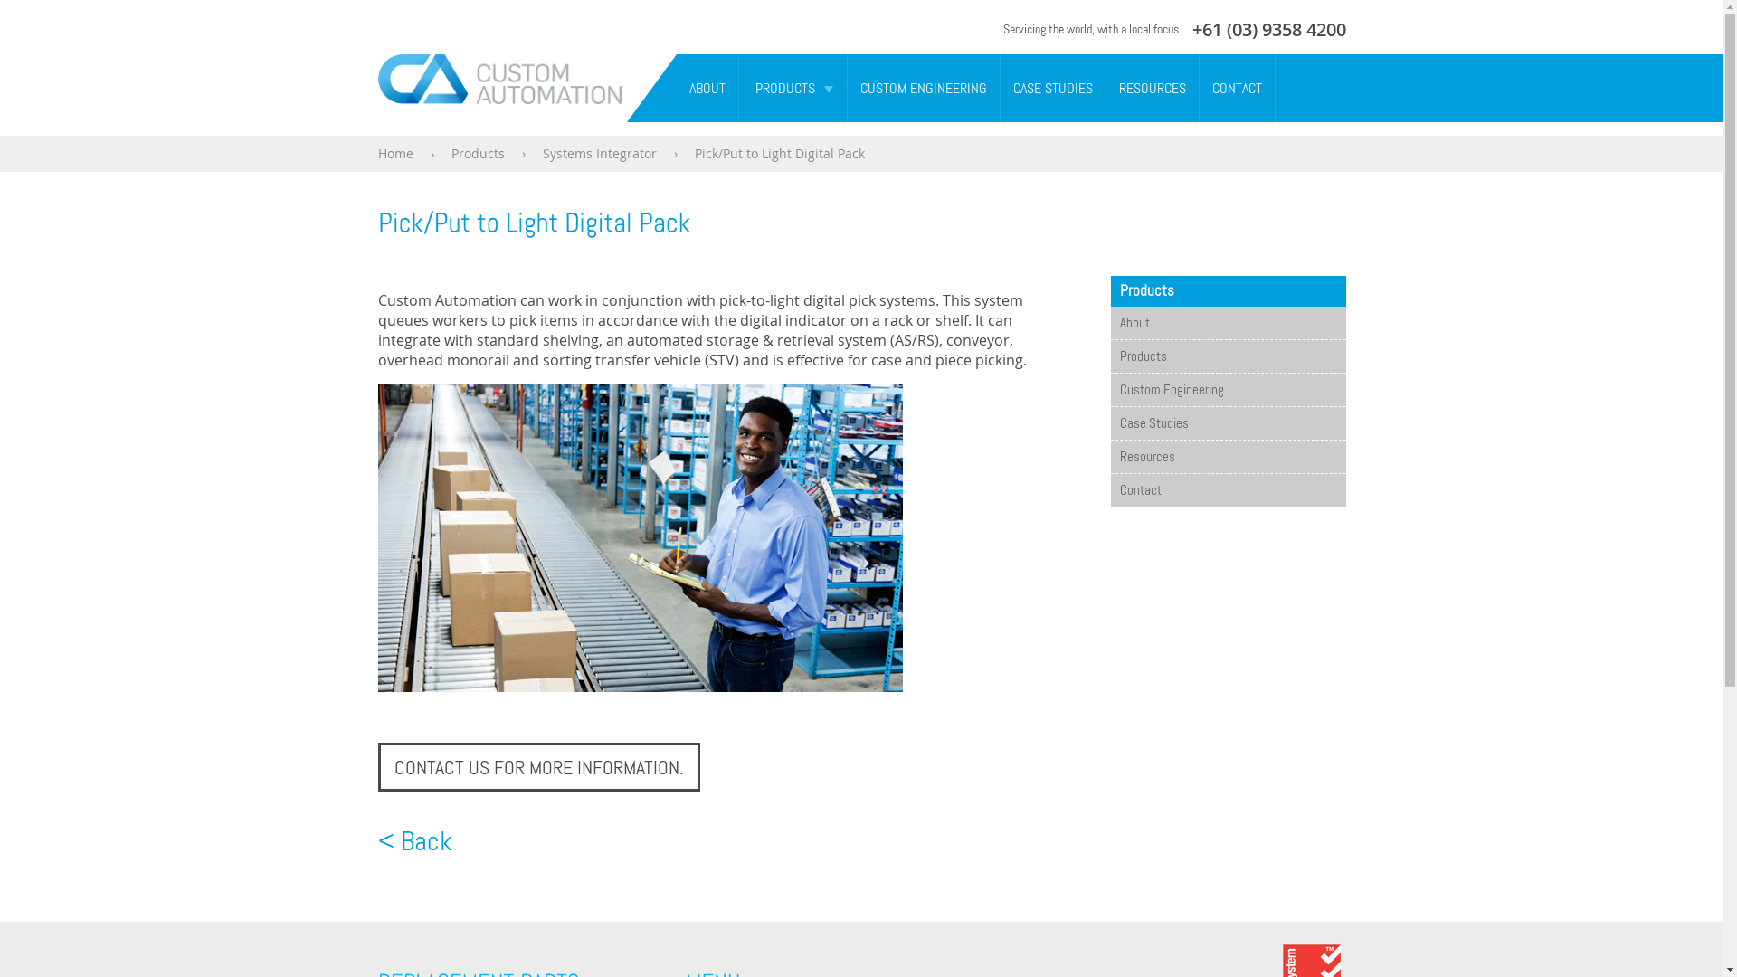  Describe the element at coordinates (1150, 88) in the screenshot. I see `'RESOURCES'` at that location.